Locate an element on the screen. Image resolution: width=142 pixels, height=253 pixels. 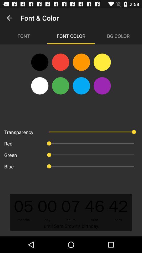
item to the left of the font & color item is located at coordinates (9, 18).